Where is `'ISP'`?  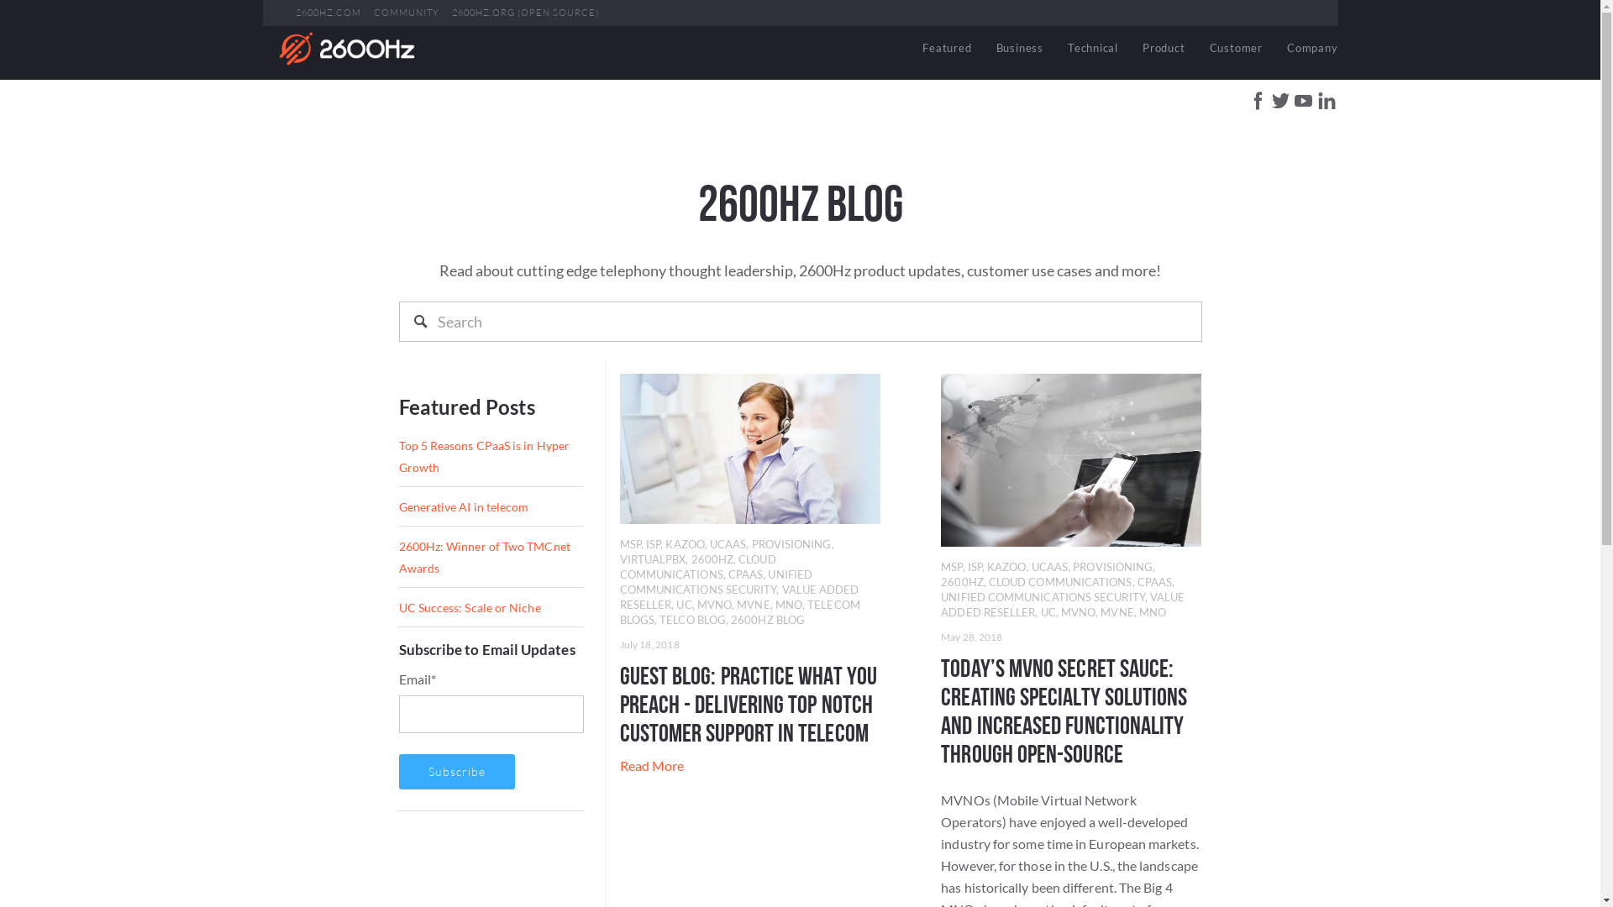
'ISP' is located at coordinates (644, 544).